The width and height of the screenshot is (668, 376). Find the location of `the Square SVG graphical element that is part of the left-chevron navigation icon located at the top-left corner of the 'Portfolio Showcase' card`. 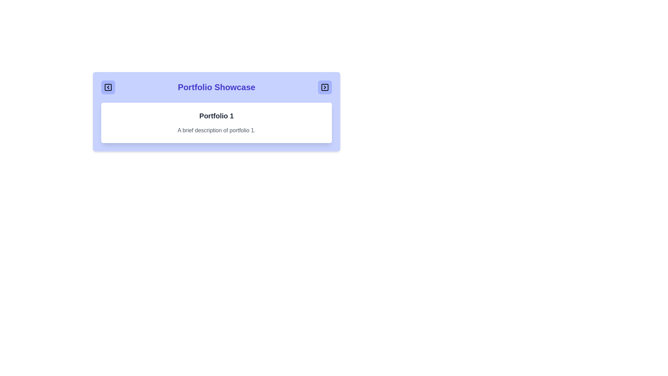

the Square SVG graphical element that is part of the left-chevron navigation icon located at the top-left corner of the 'Portfolio Showcase' card is located at coordinates (108, 87).